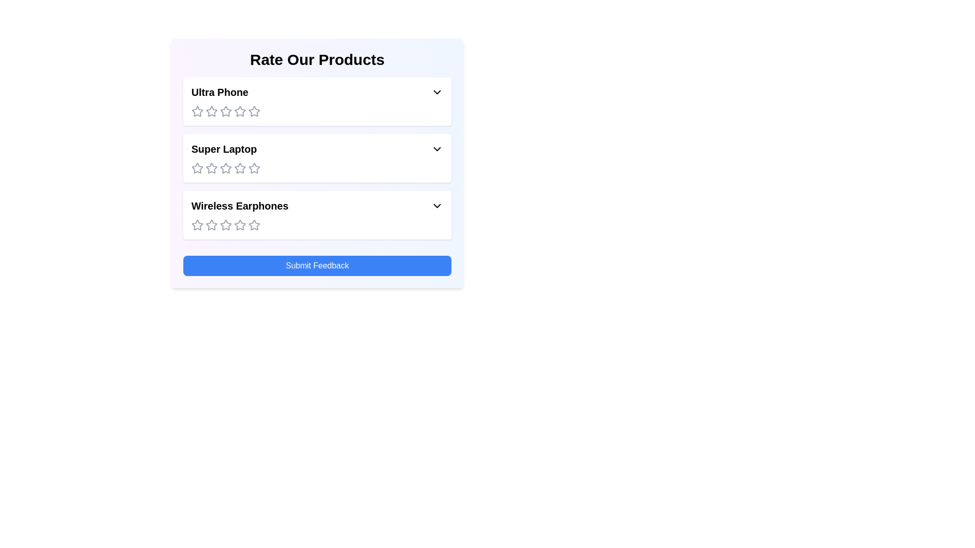  I want to click on the rating for the product 'Super Laptop' to 5 stars, so click(254, 167).